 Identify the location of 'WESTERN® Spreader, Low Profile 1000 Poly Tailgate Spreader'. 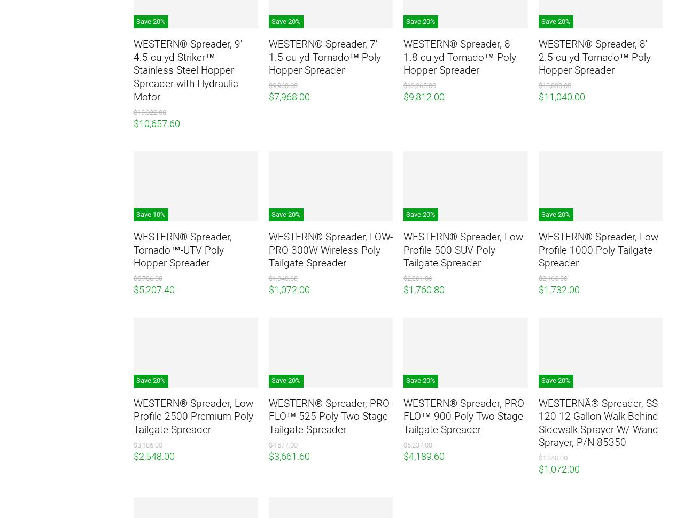
(597, 249).